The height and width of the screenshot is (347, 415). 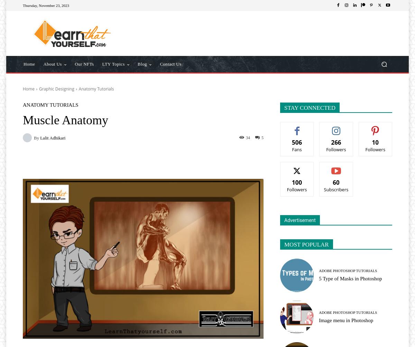 I want to click on 'Blog', so click(x=142, y=64).